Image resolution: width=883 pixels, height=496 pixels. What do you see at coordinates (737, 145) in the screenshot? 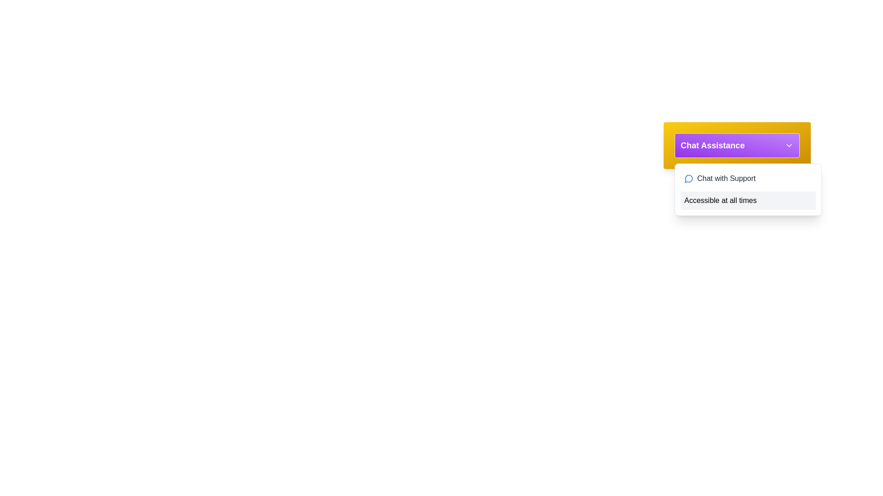
I see `the 'Chat Assistance' dropdown activator button, which is a rectangular button with a gradient background transitioning from purple to pink and contains white bold text on it` at bounding box center [737, 145].